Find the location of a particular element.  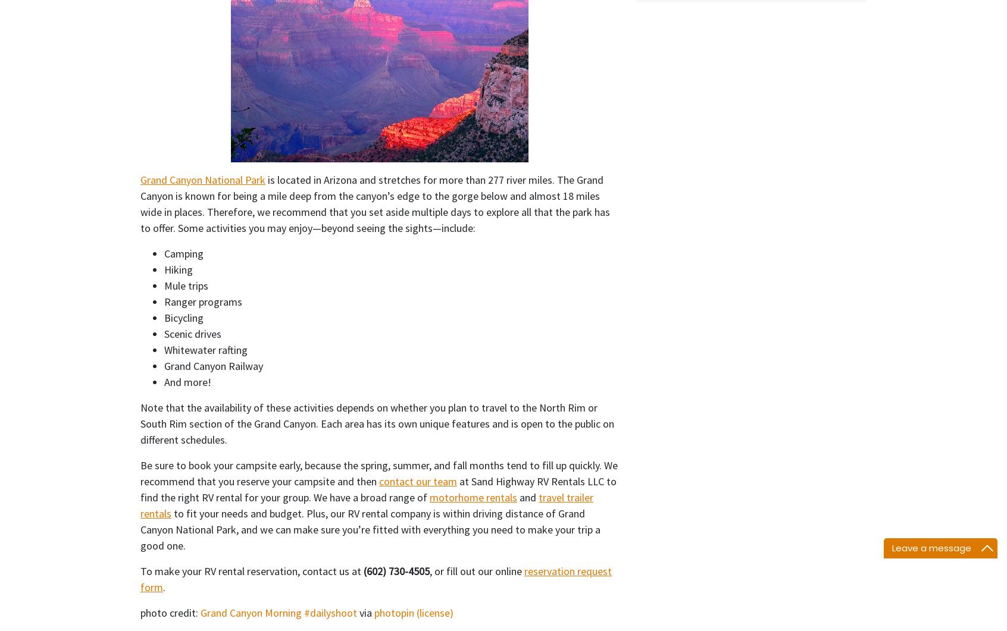

', or fill out our online' is located at coordinates (477, 570).